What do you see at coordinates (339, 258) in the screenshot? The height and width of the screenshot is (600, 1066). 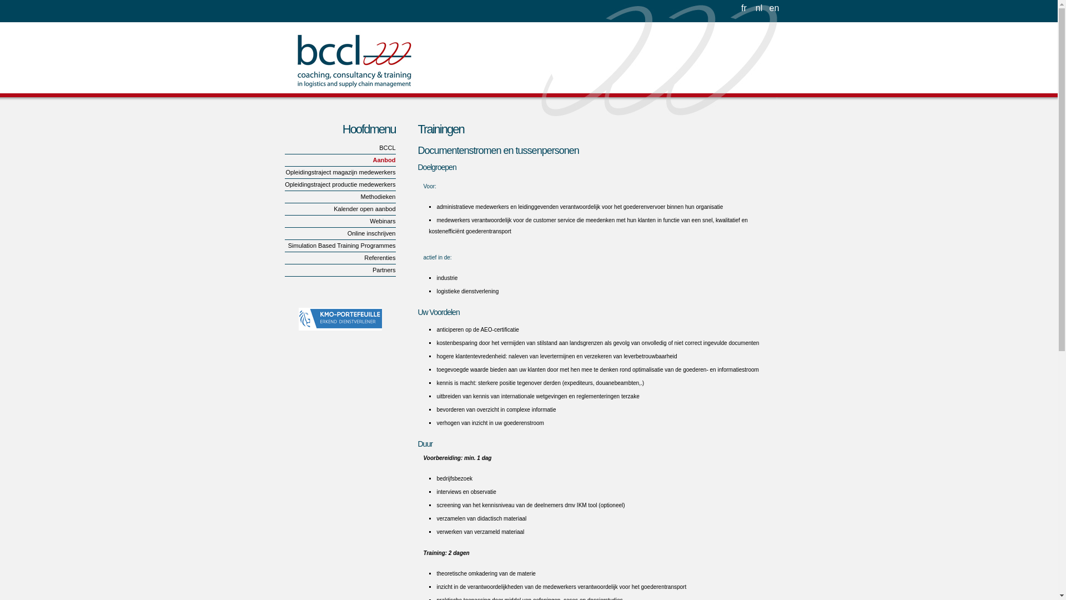 I see `'Referenties'` at bounding box center [339, 258].